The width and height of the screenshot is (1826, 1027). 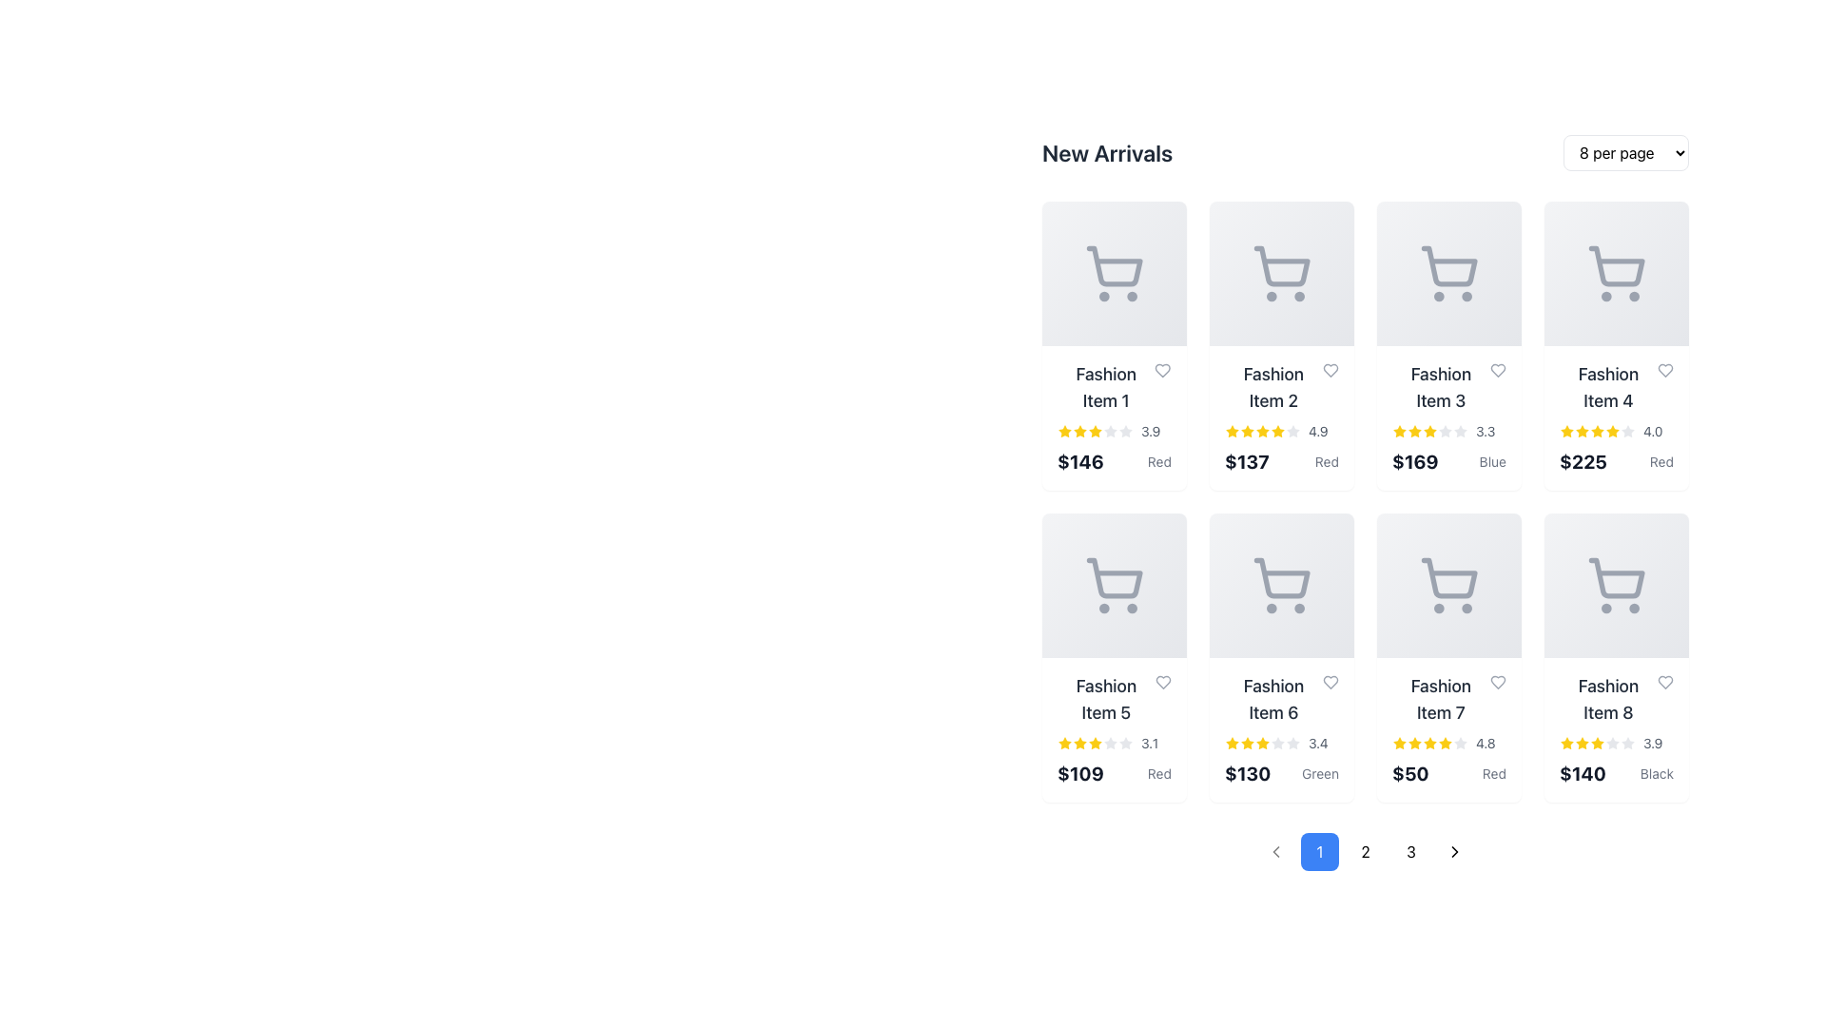 What do you see at coordinates (1233, 432) in the screenshot?
I see `the state of the first star icon in the five-star rating system for the 'Fashion Item 2' product card` at bounding box center [1233, 432].